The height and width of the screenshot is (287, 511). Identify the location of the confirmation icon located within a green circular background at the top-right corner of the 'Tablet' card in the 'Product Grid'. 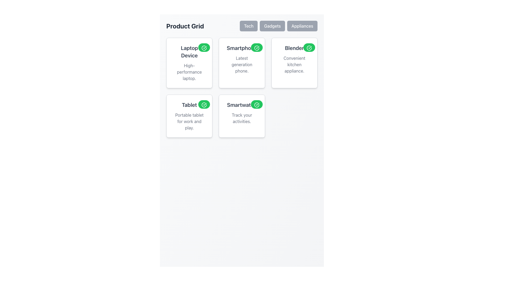
(204, 105).